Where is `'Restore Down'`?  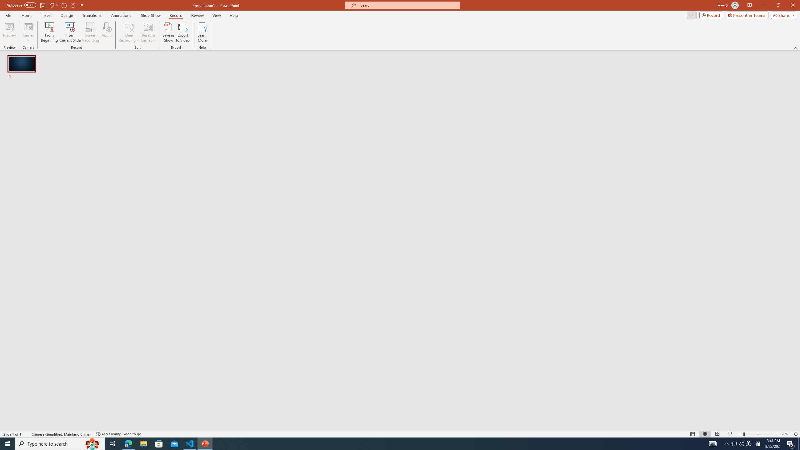 'Restore Down' is located at coordinates (778, 5).